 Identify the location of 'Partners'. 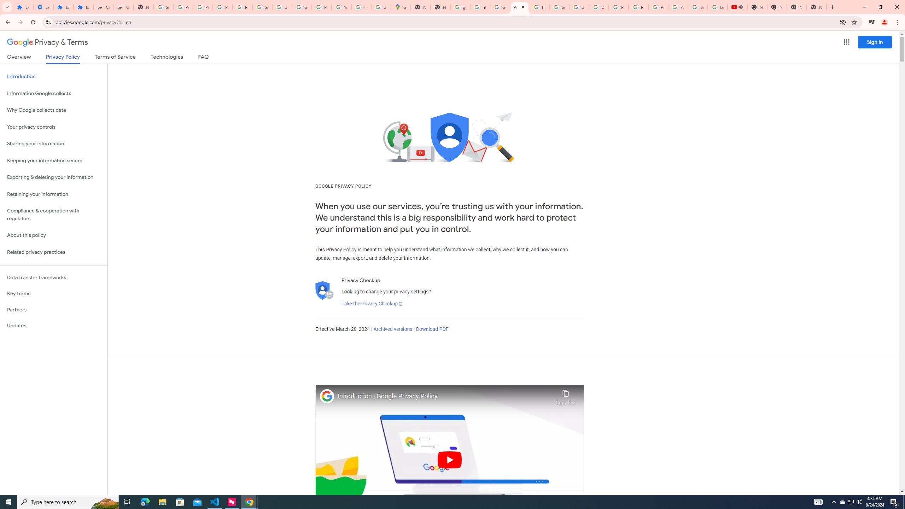
(53, 310).